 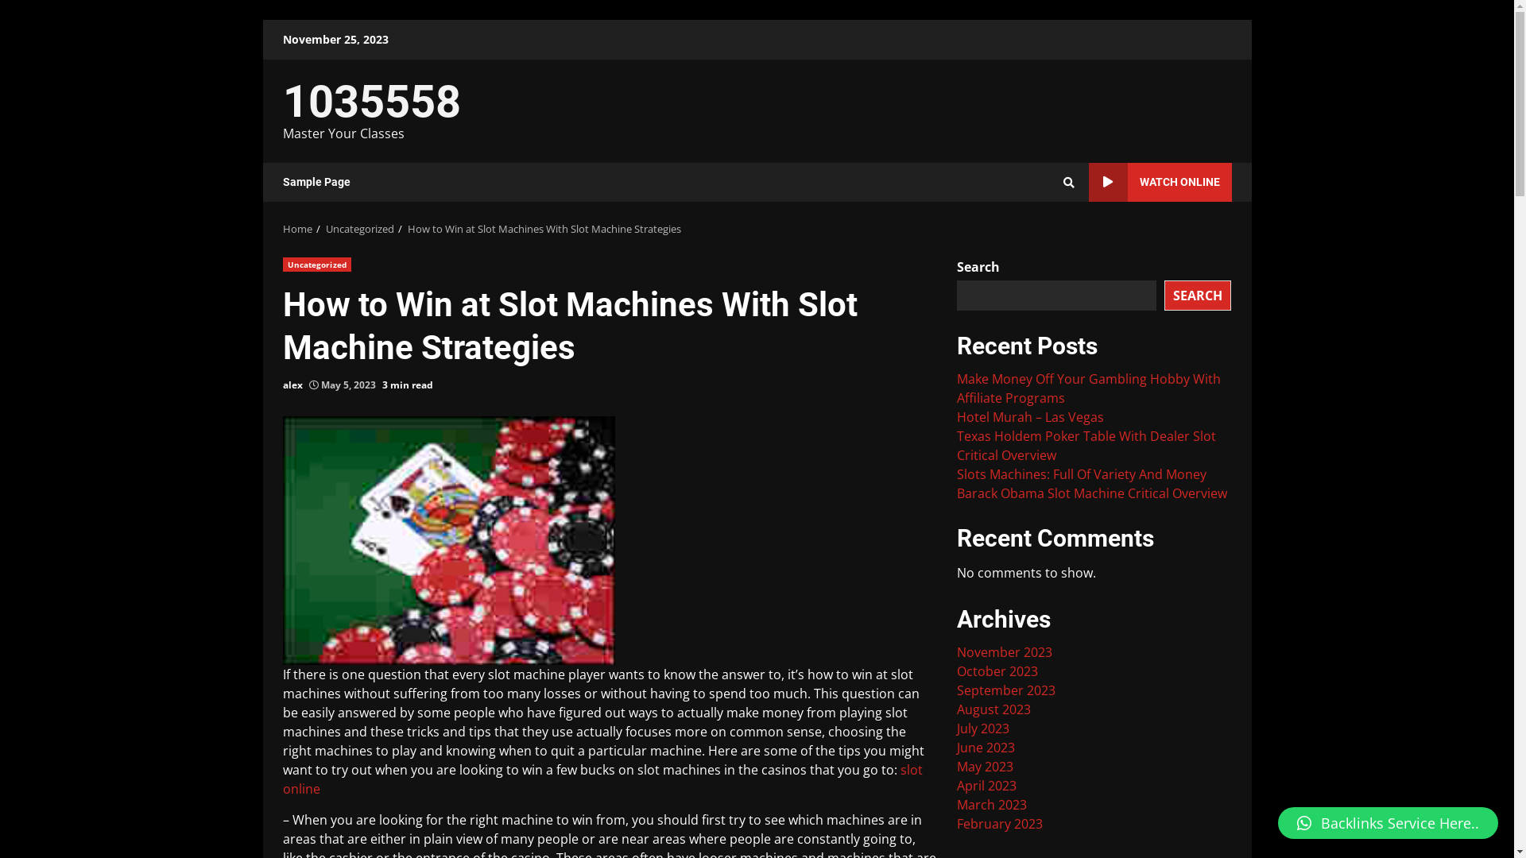 What do you see at coordinates (956, 784) in the screenshot?
I see `'April 2023'` at bounding box center [956, 784].